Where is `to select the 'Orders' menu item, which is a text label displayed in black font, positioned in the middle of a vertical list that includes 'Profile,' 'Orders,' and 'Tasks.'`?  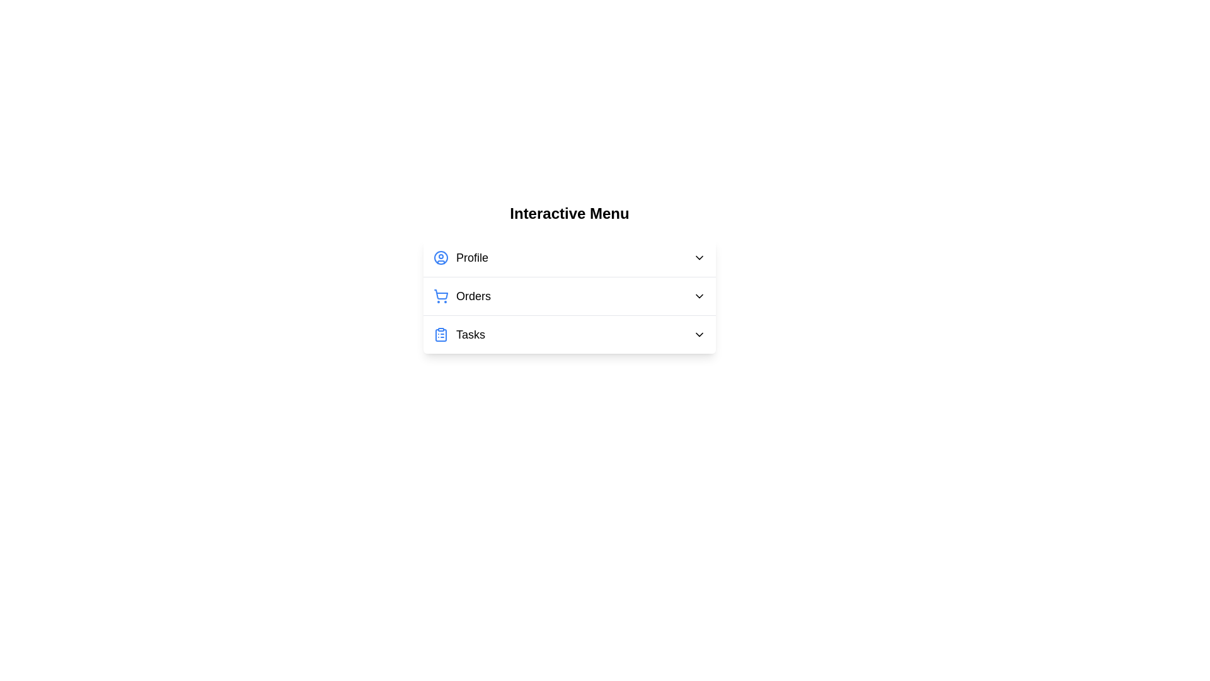 to select the 'Orders' menu item, which is a text label displayed in black font, positioned in the middle of a vertical list that includes 'Profile,' 'Orders,' and 'Tasks.' is located at coordinates (473, 296).